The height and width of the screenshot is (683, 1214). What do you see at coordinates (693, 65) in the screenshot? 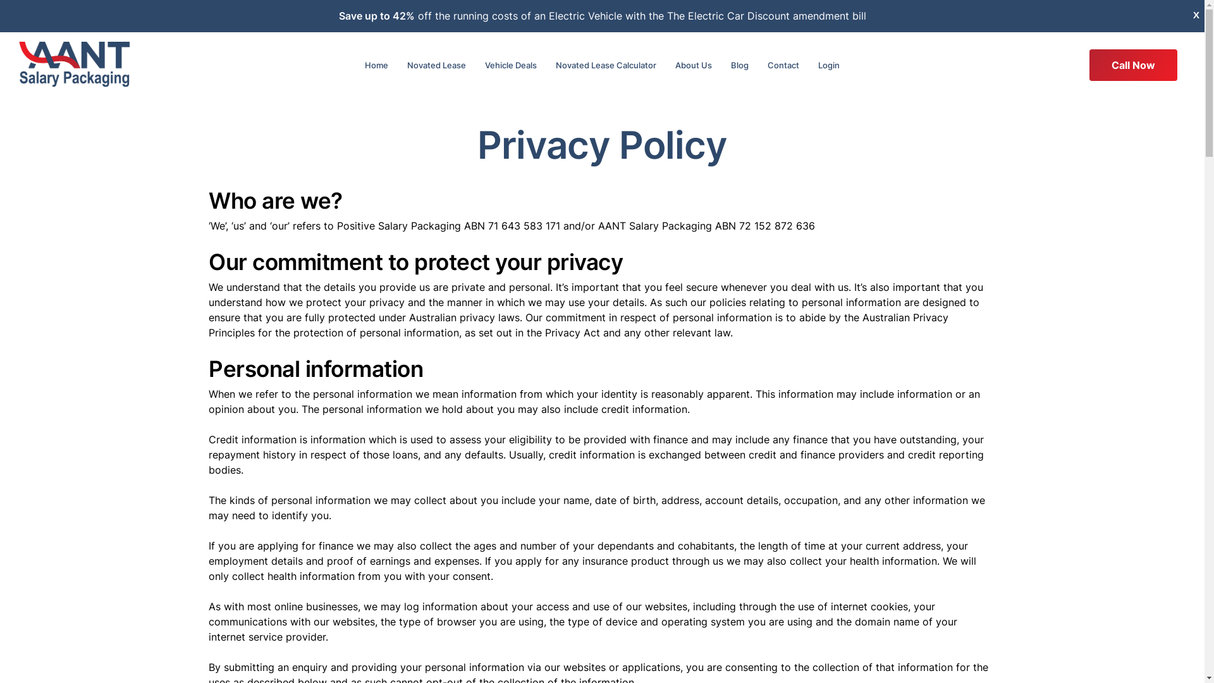
I see `'About Us'` at bounding box center [693, 65].